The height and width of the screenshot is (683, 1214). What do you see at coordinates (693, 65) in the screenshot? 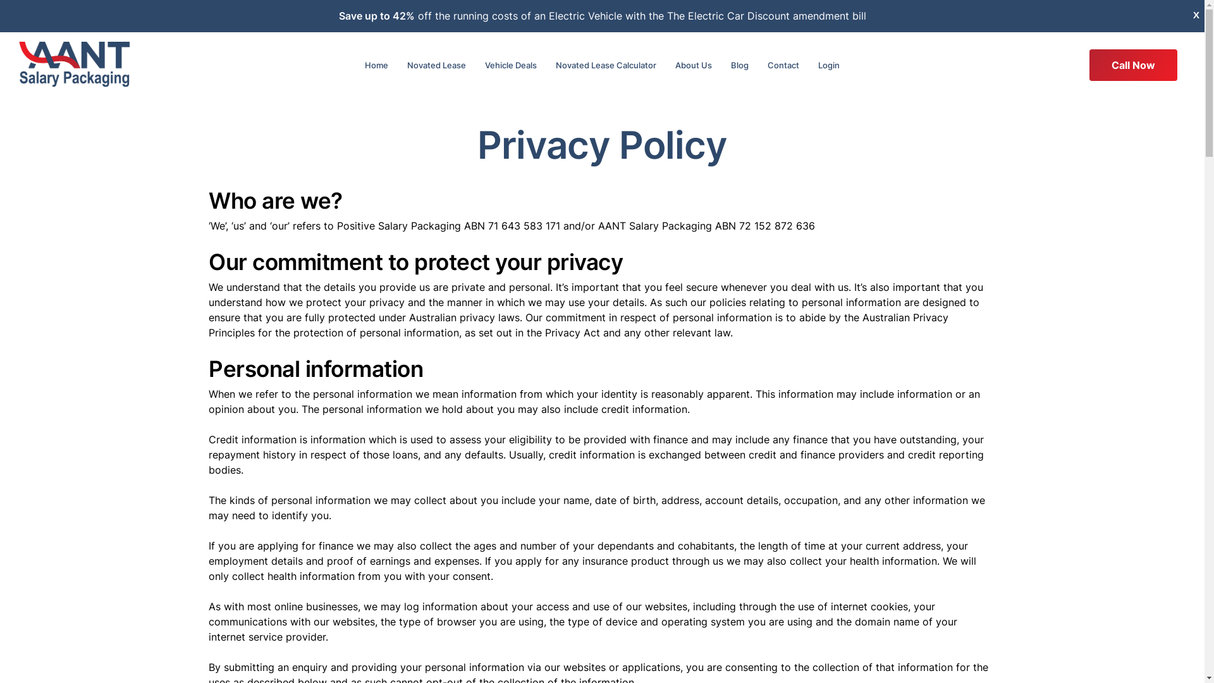
I see `'About Us'` at bounding box center [693, 65].